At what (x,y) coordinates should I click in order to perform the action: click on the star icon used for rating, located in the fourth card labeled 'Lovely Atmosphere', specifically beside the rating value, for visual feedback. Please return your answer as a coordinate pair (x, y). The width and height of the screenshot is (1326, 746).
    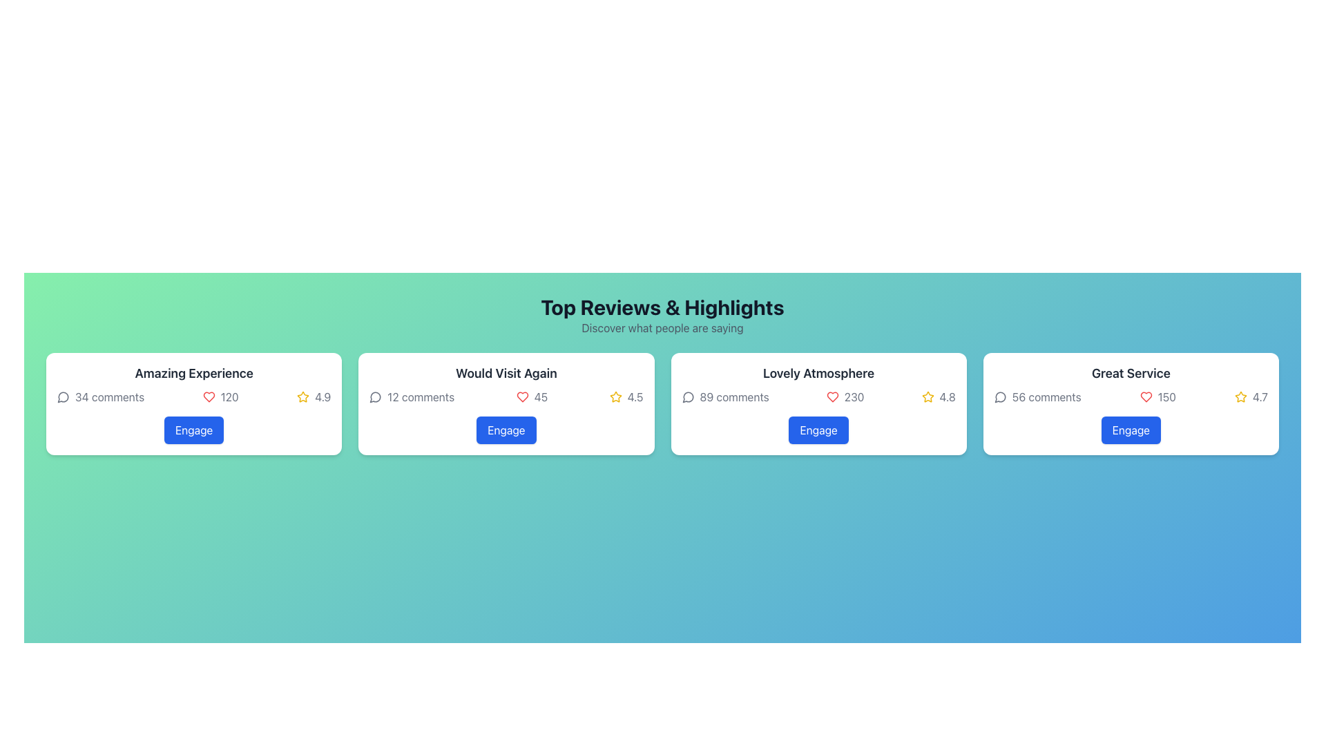
    Looking at the image, I should click on (928, 396).